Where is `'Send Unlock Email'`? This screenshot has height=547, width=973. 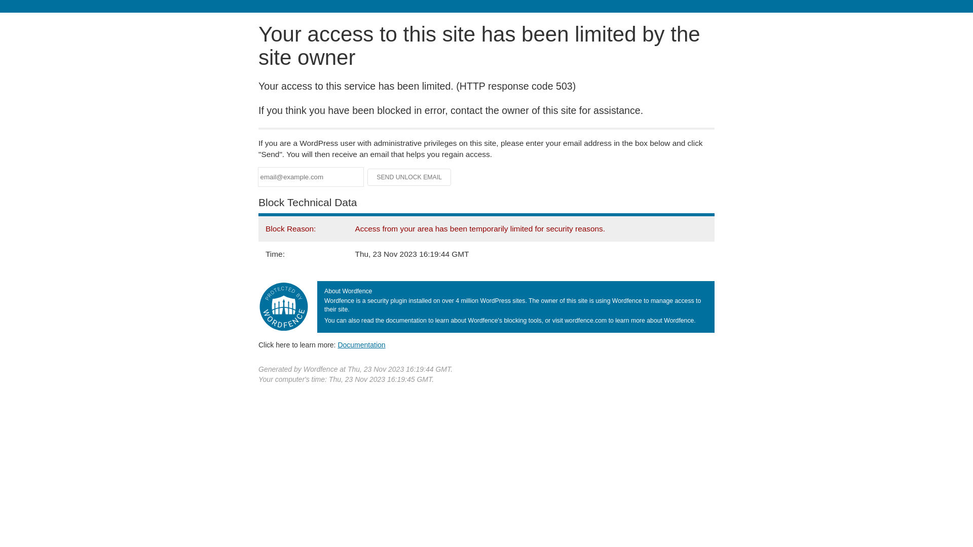 'Send Unlock Email' is located at coordinates (409, 177).